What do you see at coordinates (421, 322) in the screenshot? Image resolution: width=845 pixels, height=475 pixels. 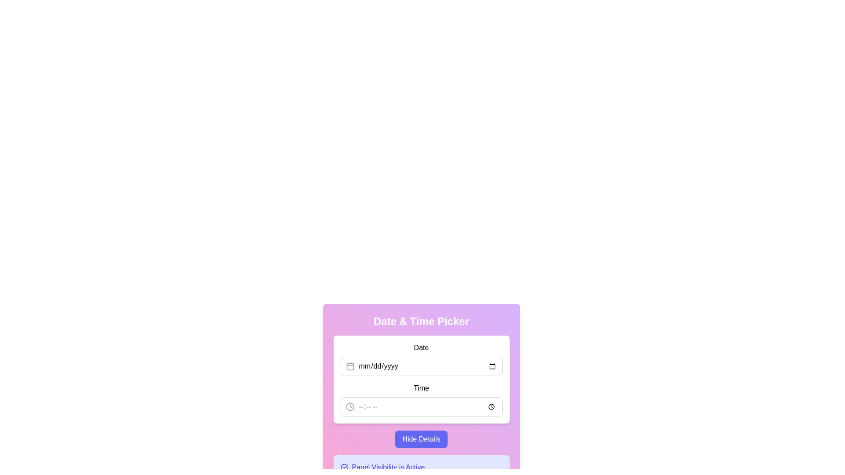 I see `the title text label for the date and time picker interface, which is positioned at the top of a card-like component with a gradient background` at bounding box center [421, 322].